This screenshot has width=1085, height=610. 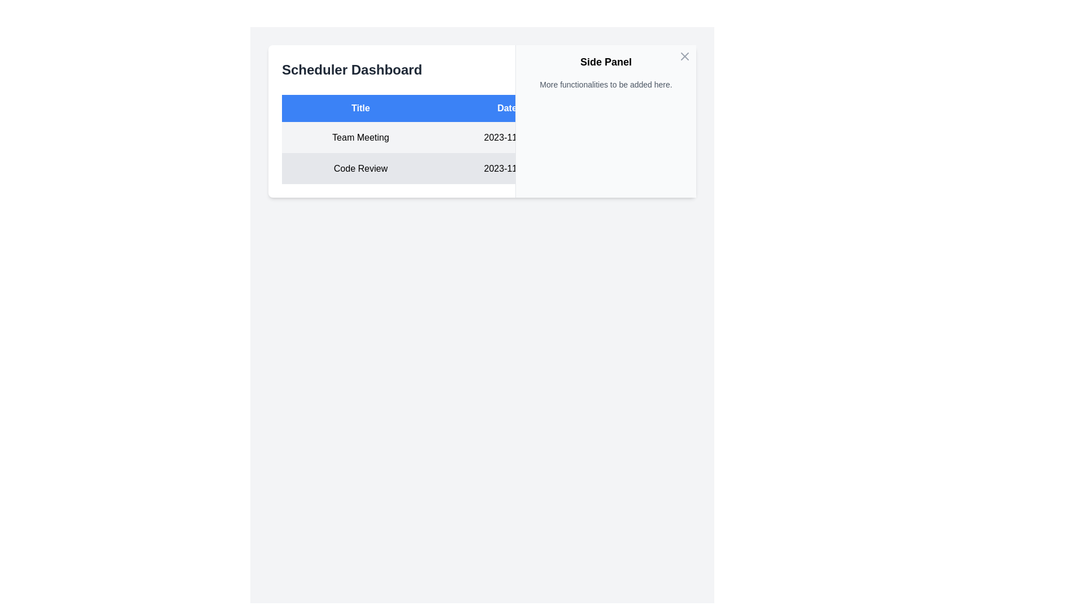 I want to click on the graphical icon in the top-right corner of the Side Panel, so click(x=684, y=56).